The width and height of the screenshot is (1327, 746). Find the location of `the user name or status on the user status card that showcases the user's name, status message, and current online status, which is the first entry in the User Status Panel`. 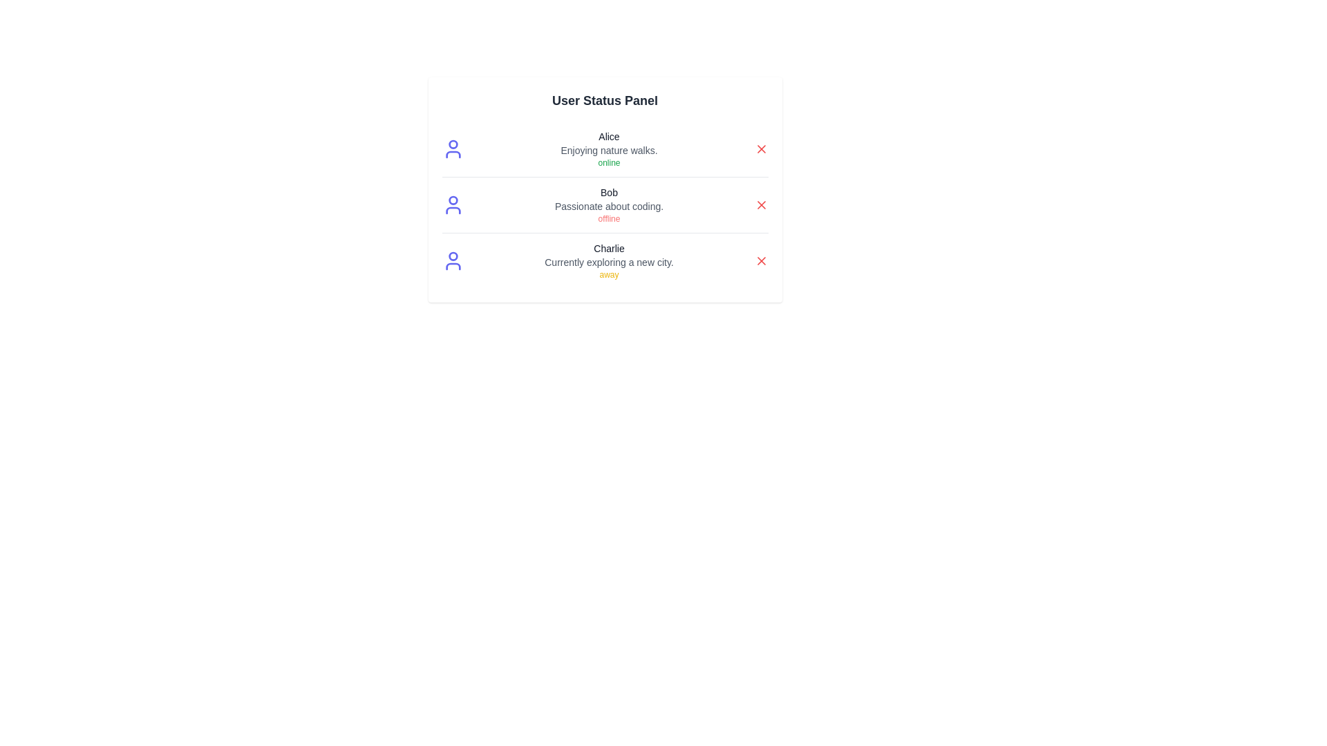

the user name or status on the user status card that showcases the user's name, status message, and current online status, which is the first entry in the User Status Panel is located at coordinates (605, 149).